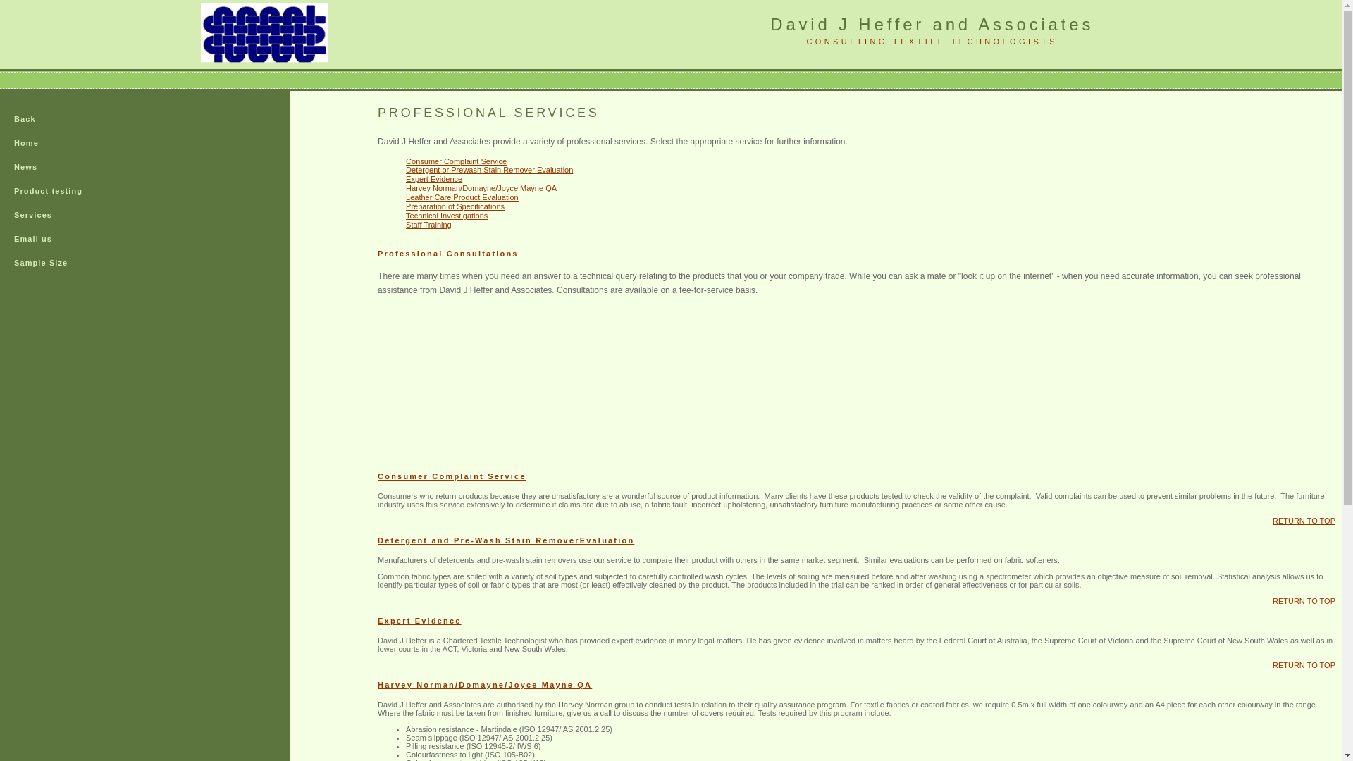 The width and height of the screenshot is (1353, 761). Describe the element at coordinates (405, 206) in the screenshot. I see `'Preparation of Specifications'` at that location.